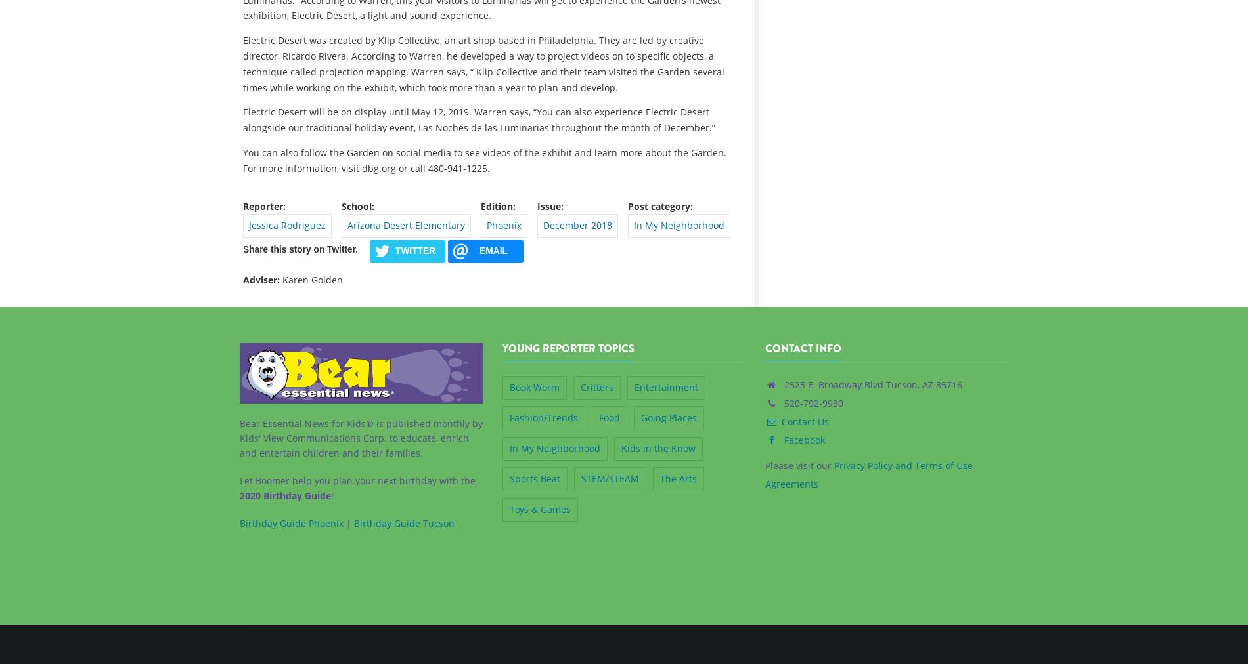  Describe the element at coordinates (870, 384) in the screenshot. I see `'2525 E. Broadway Blvd Tucson, AZ 85716'` at that location.